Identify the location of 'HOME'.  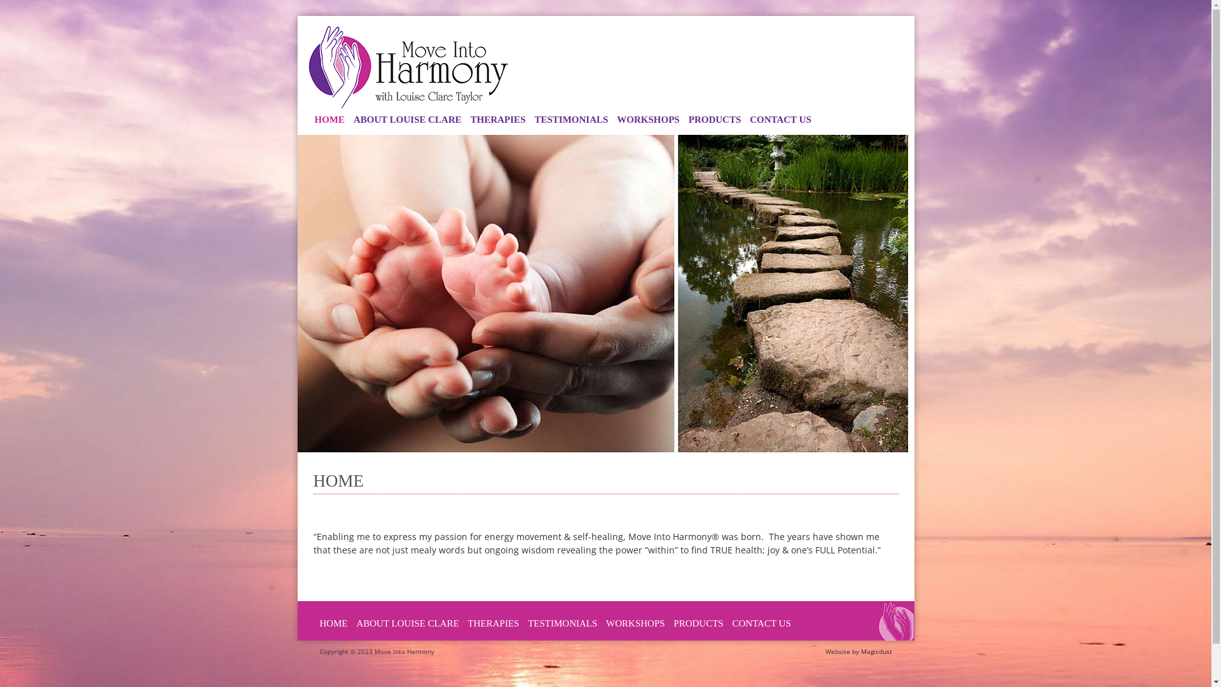
(329, 120).